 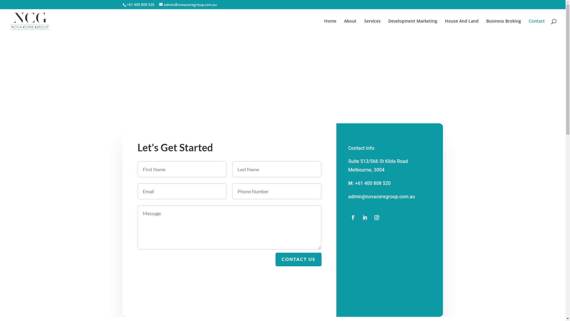 What do you see at coordinates (445, 26) in the screenshot?
I see `'House And Land'` at bounding box center [445, 26].